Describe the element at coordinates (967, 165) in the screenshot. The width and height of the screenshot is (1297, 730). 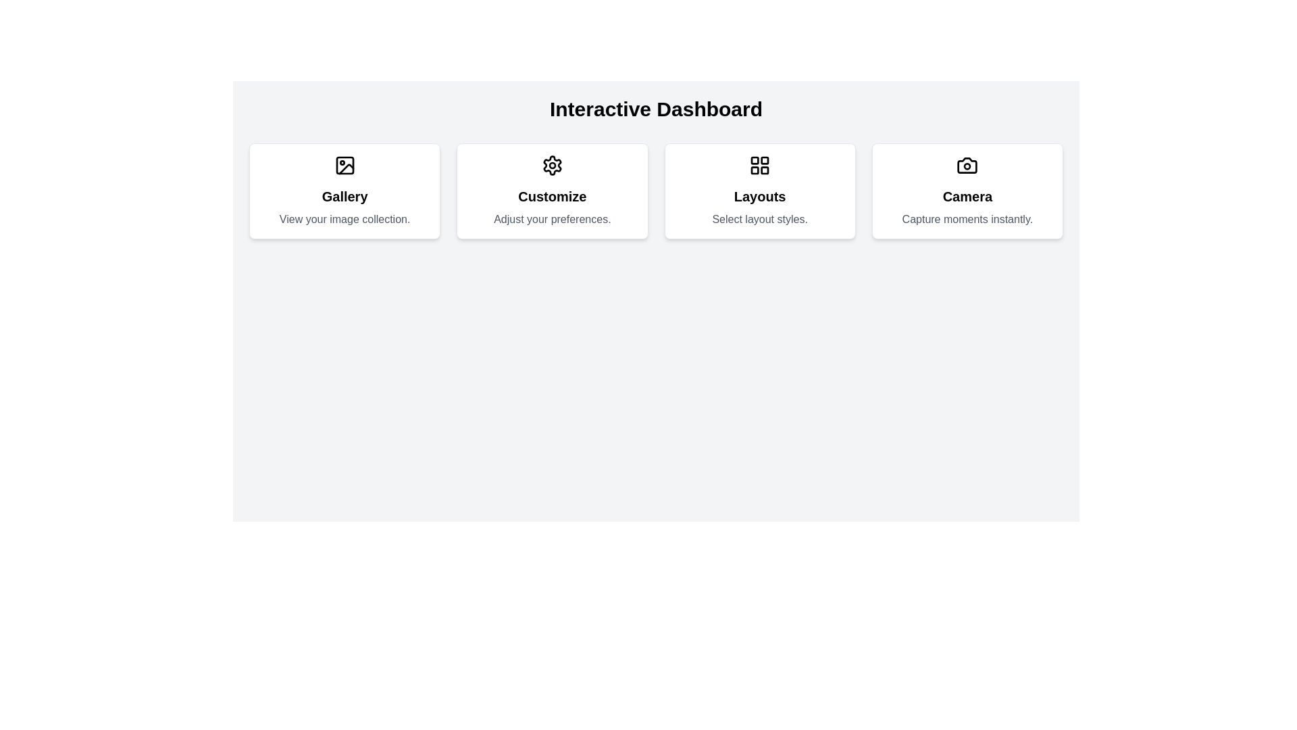
I see `the surrounding area of the camera icon, which is the first visible component in the 'Camera' card located at the far-right of the row` at that location.